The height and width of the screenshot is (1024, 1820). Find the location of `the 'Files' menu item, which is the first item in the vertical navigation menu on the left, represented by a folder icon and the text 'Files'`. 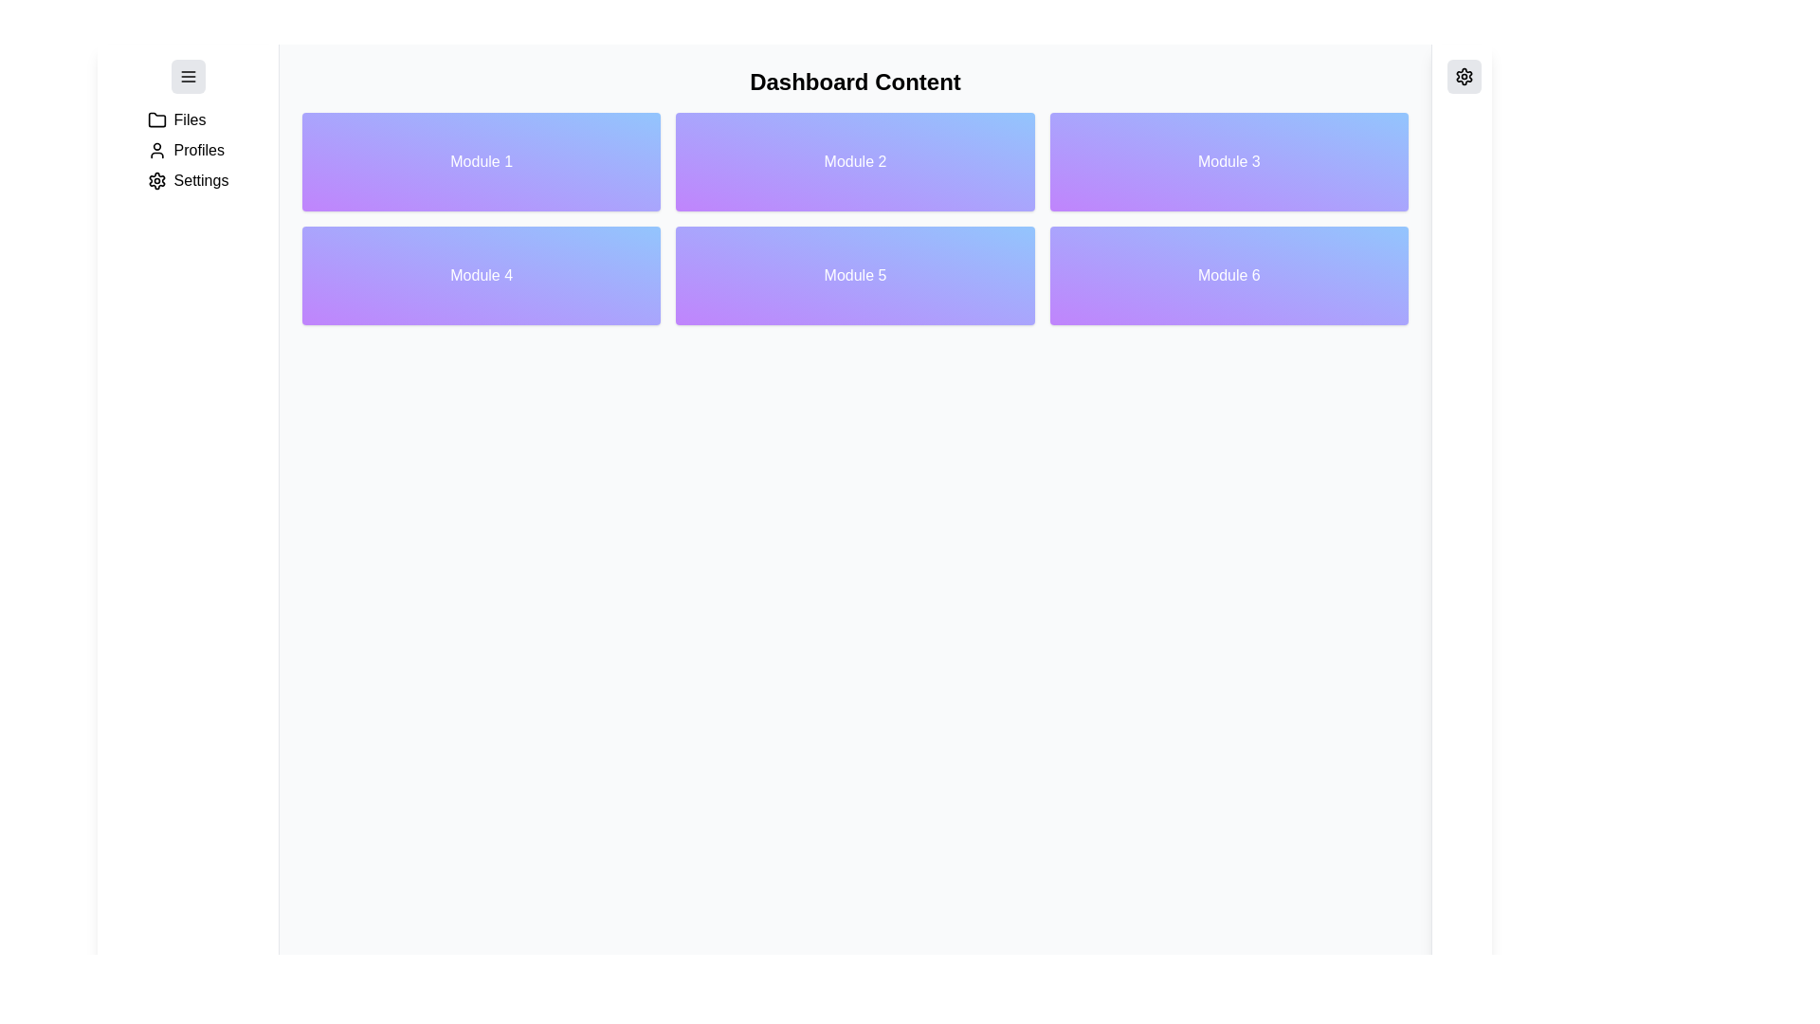

the 'Files' menu item, which is the first item in the vertical navigation menu on the left, represented by a folder icon and the text 'Files' is located at coordinates (188, 120).